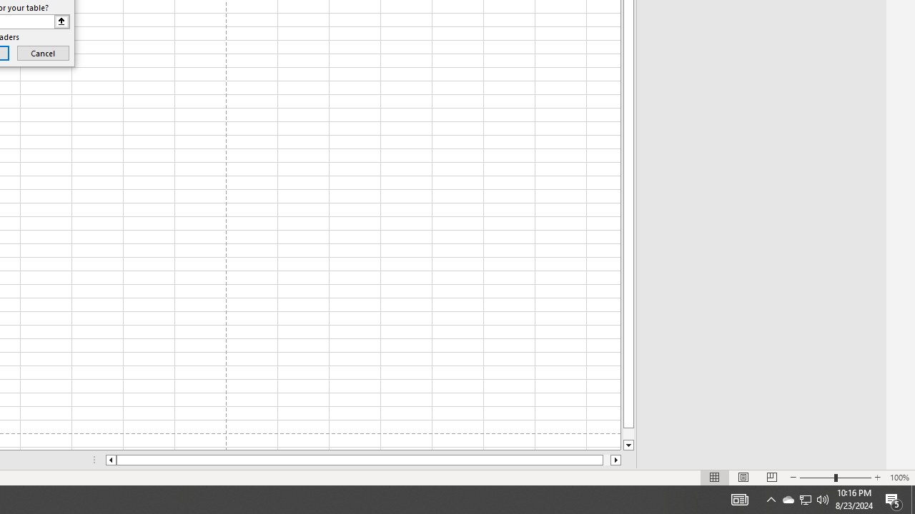 This screenshot has width=915, height=514. What do you see at coordinates (771, 478) in the screenshot?
I see `'Page Break Preview'` at bounding box center [771, 478].